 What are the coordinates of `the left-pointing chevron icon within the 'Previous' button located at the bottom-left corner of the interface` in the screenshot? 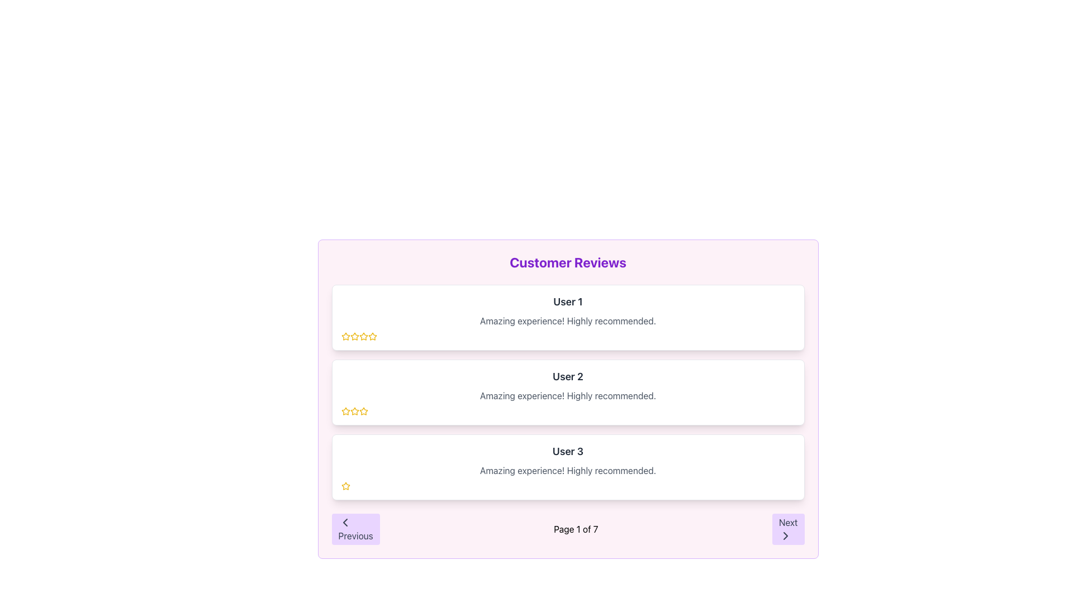 It's located at (344, 523).